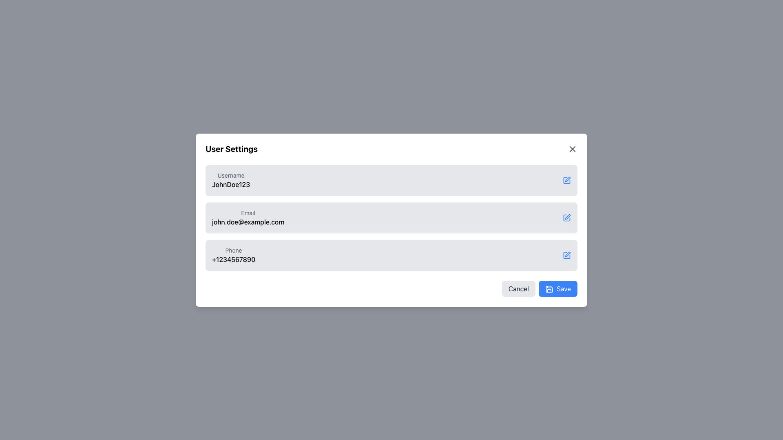 This screenshot has height=440, width=783. What do you see at coordinates (567, 216) in the screenshot?
I see `the edit icon located slightly to the right of the 'Email' text input box` at bounding box center [567, 216].